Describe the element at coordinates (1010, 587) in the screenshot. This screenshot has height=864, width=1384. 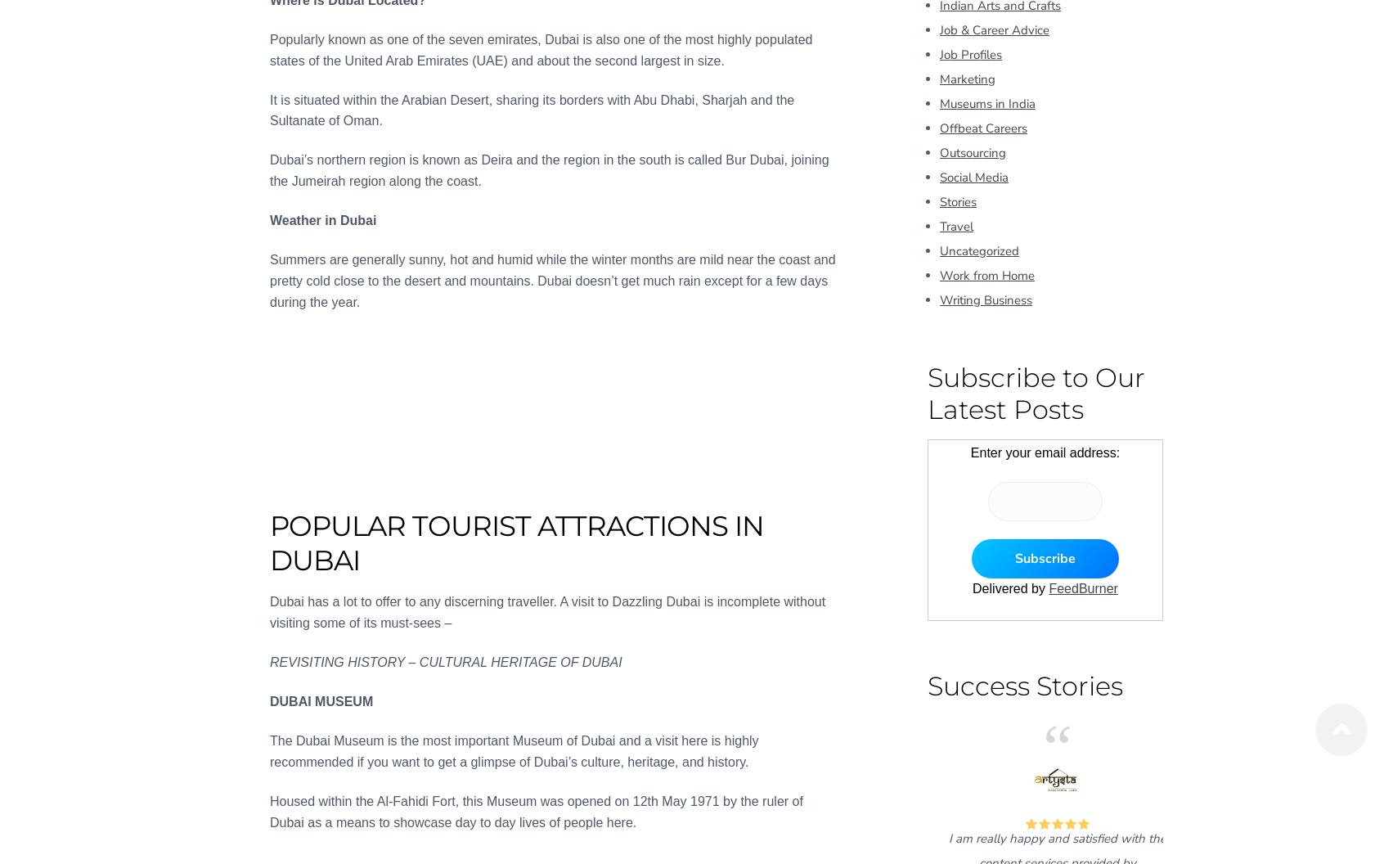
I see `'Delivered by'` at that location.